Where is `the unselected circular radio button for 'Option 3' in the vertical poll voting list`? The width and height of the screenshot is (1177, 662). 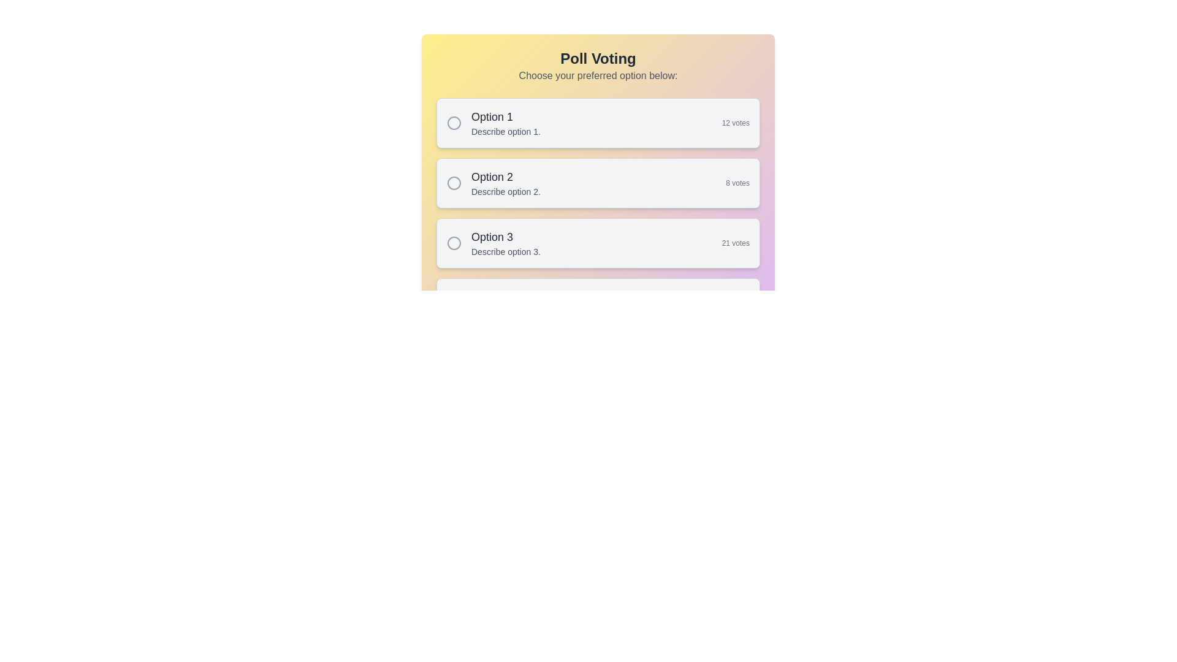 the unselected circular radio button for 'Option 3' in the vertical poll voting list is located at coordinates (453, 243).